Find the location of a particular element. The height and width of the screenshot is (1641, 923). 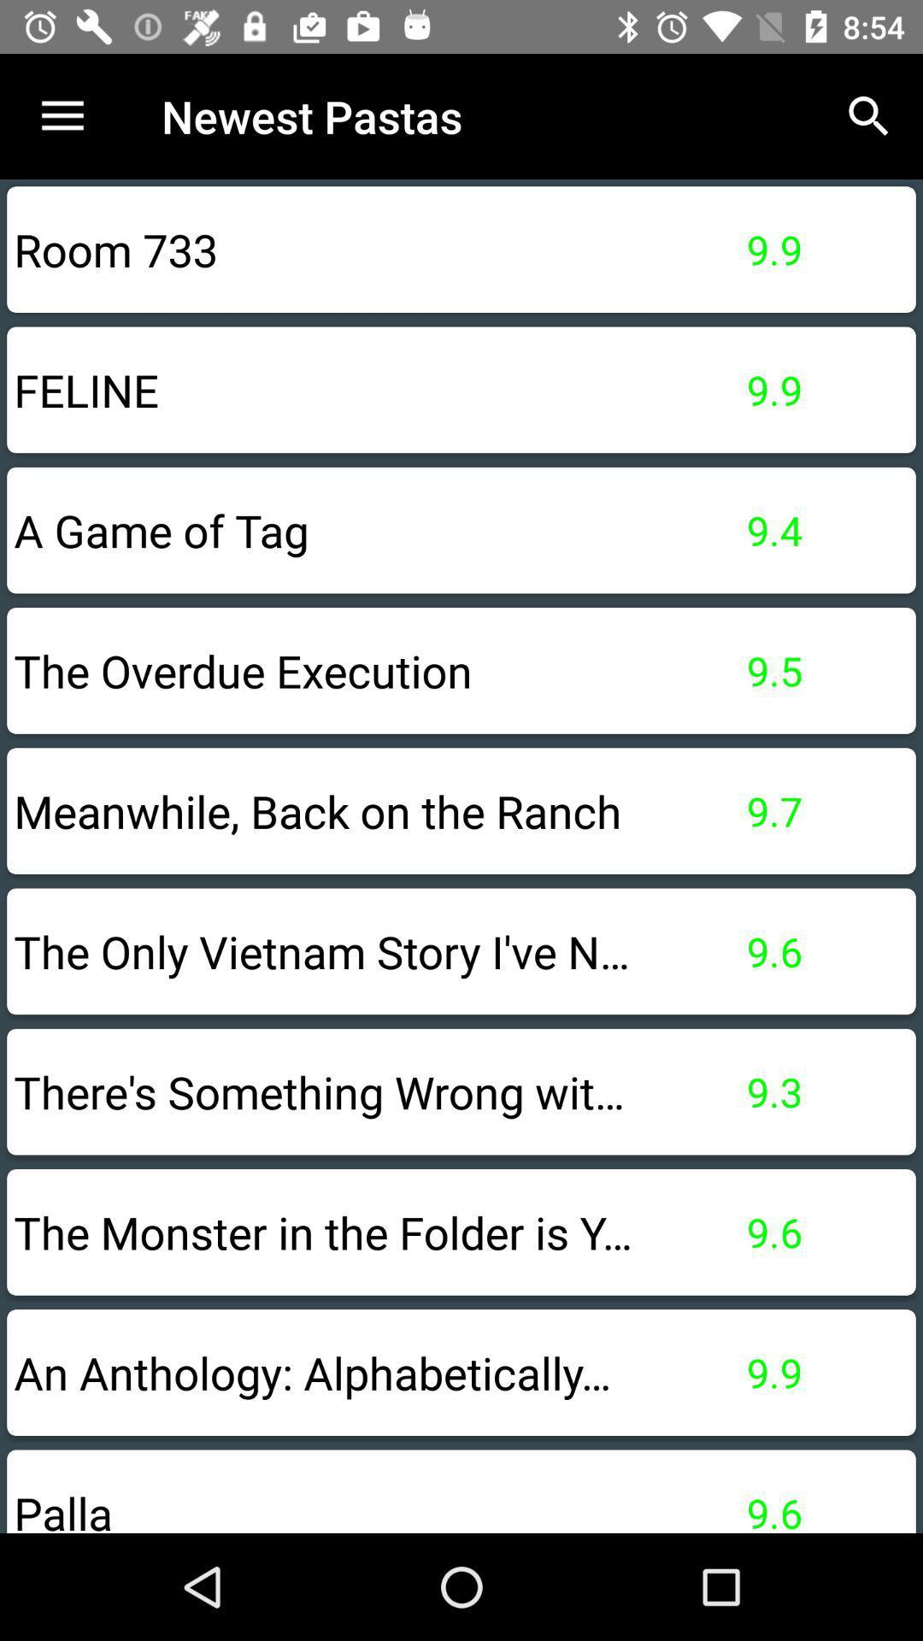

the item to the right of newest pastas item is located at coordinates (869, 115).